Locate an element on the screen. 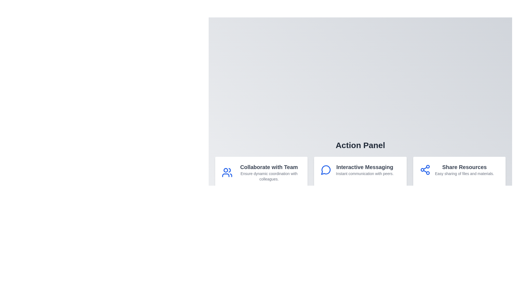 The image size is (523, 294). the blue group of people icon located in the 'Collaborate with Team' section, positioned above the corresponding text is located at coordinates (227, 172).